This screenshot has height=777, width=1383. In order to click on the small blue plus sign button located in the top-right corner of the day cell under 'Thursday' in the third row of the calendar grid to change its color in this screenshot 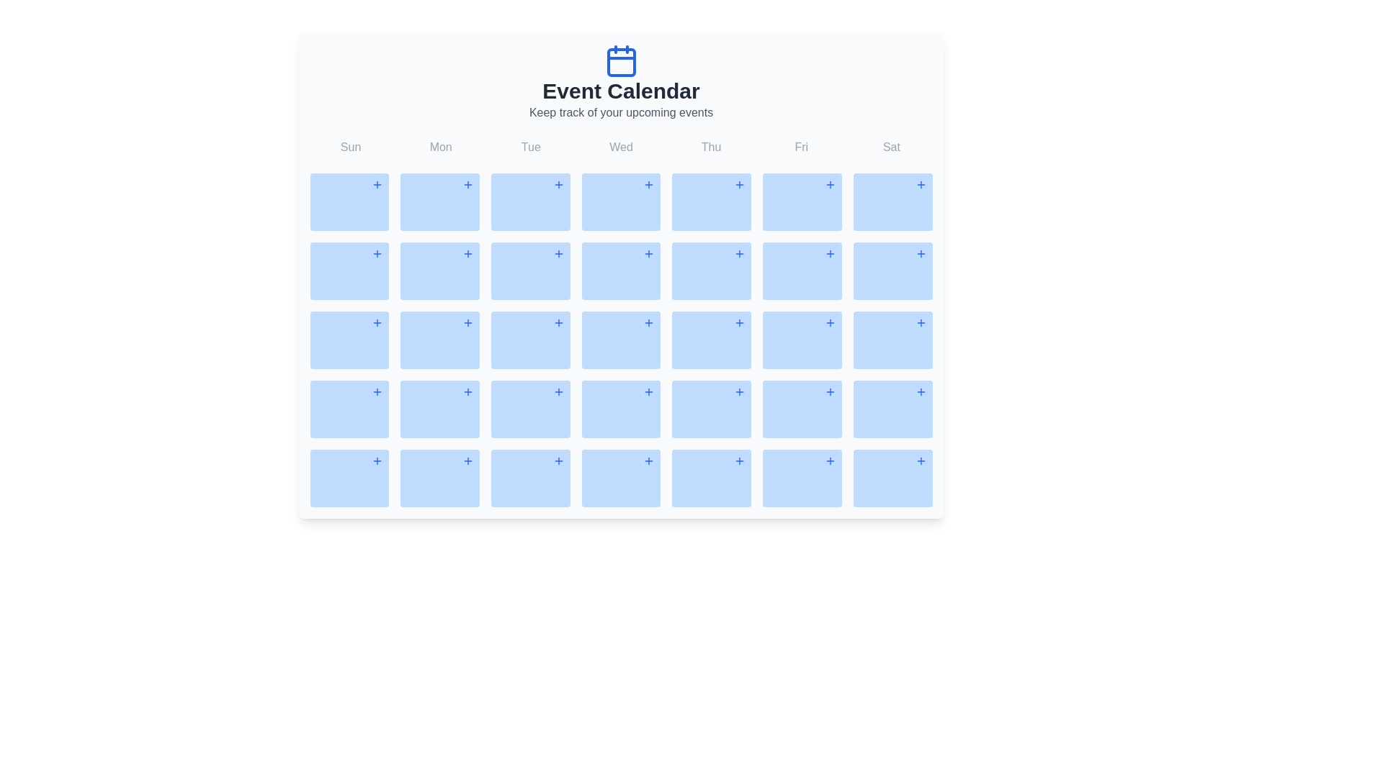, I will do `click(740, 184)`.